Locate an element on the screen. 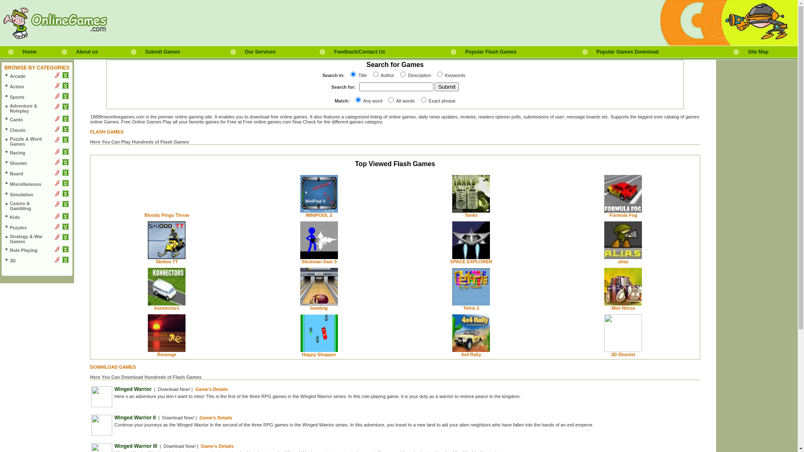 The image size is (804, 452). 'Mini Nitros' is located at coordinates (623, 308).